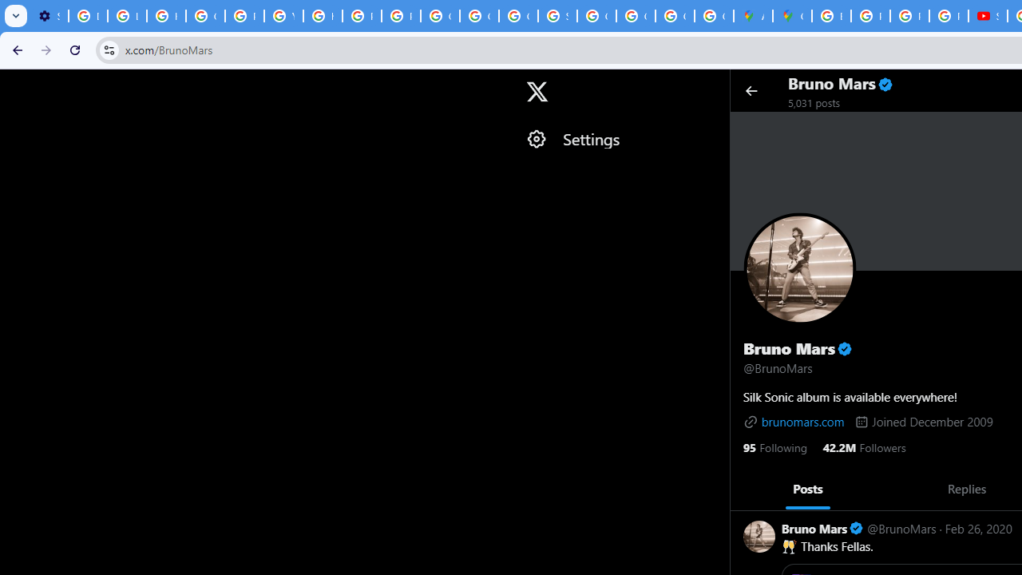  What do you see at coordinates (792, 16) in the screenshot?
I see `'Google Maps'` at bounding box center [792, 16].